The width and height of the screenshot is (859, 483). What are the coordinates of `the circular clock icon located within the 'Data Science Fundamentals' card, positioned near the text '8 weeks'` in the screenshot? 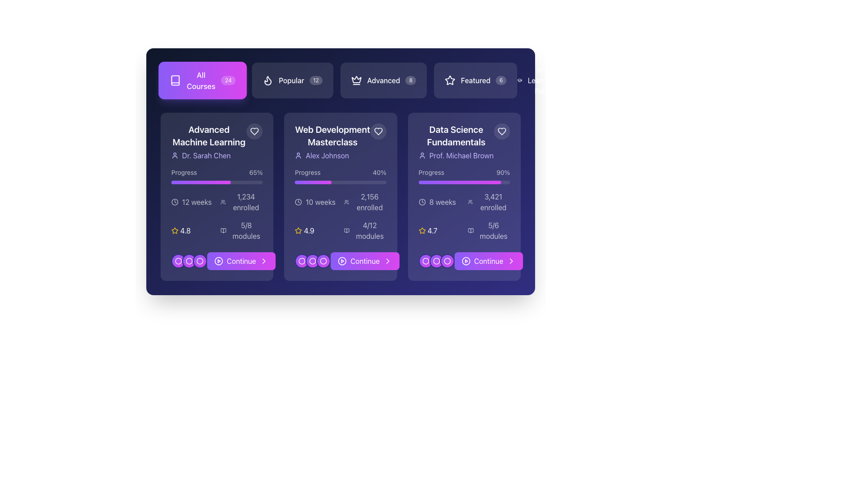 It's located at (421, 202).